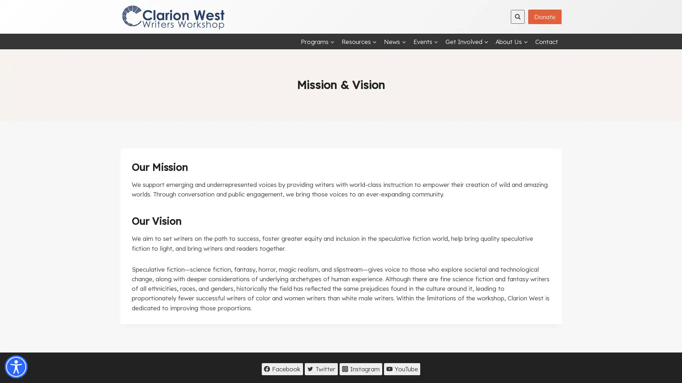  Describe the element at coordinates (511, 41) in the screenshot. I see `Expand child menu` at that location.